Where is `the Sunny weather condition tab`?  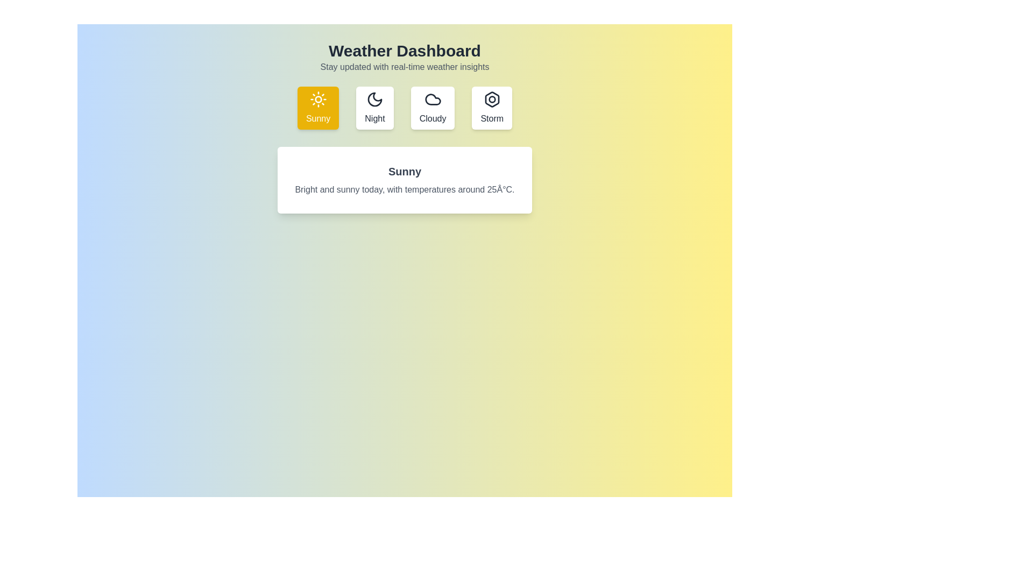
the Sunny weather condition tab is located at coordinates (317, 108).